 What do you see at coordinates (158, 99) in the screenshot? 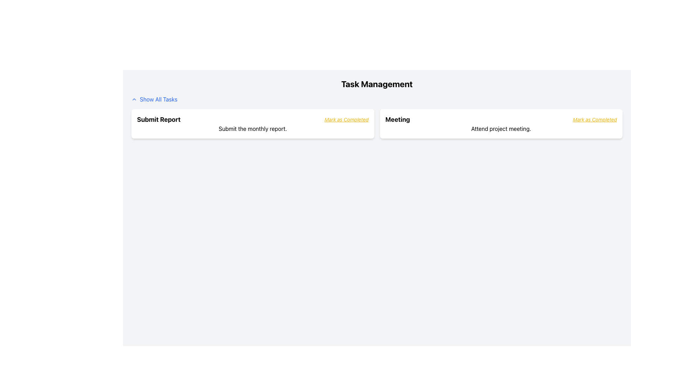
I see `the text label that serves as an indicator for viewing additional task-related information, located at the center-top of the interface, slightly to the right of a small arrow icon` at bounding box center [158, 99].